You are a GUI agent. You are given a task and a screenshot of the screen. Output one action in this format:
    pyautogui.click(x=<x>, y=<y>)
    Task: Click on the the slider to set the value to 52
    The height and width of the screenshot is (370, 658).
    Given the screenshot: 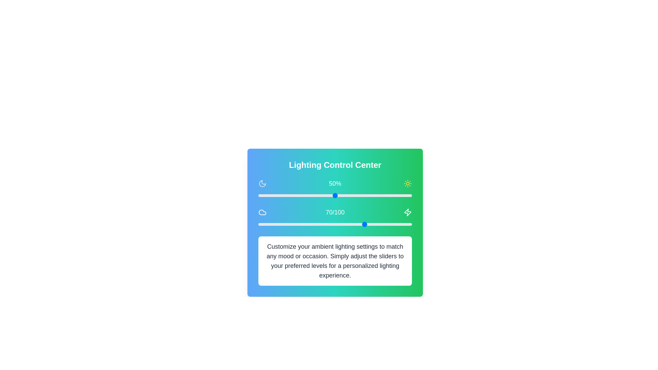 What is the action you would take?
    pyautogui.click(x=338, y=195)
    